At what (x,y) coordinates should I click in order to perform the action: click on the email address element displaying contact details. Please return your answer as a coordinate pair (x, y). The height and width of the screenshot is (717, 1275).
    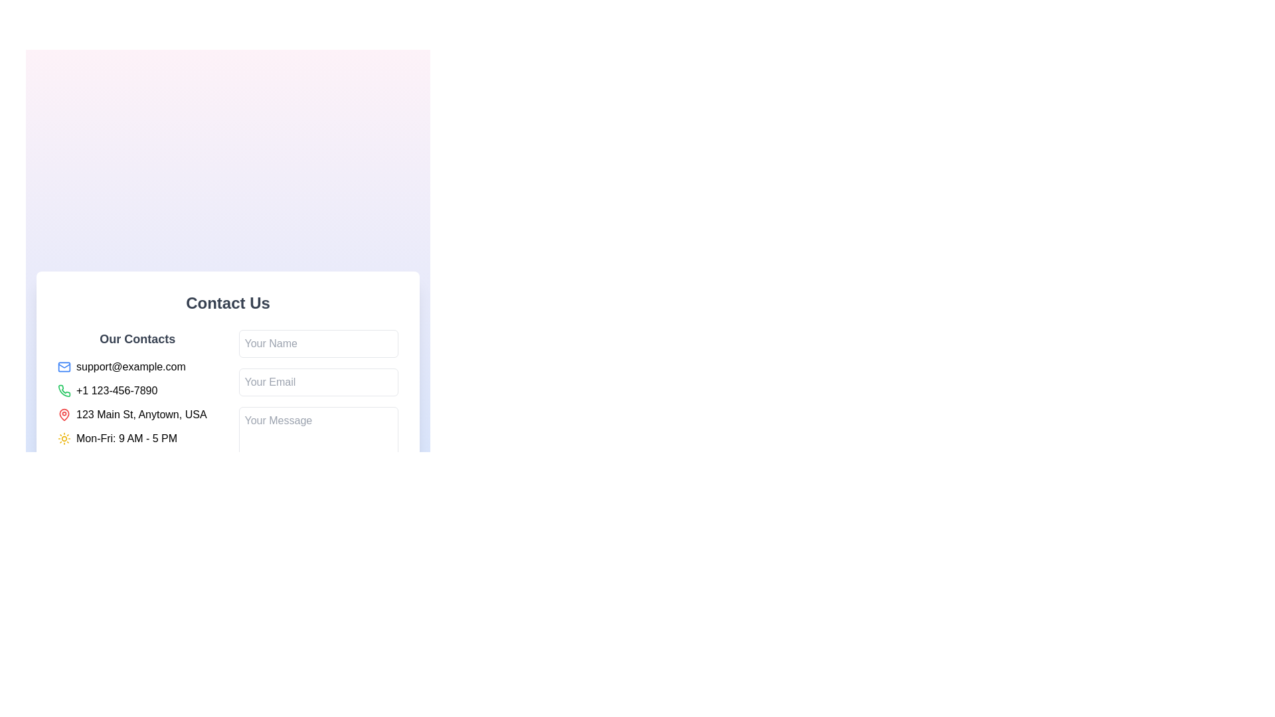
    Looking at the image, I should click on (137, 366).